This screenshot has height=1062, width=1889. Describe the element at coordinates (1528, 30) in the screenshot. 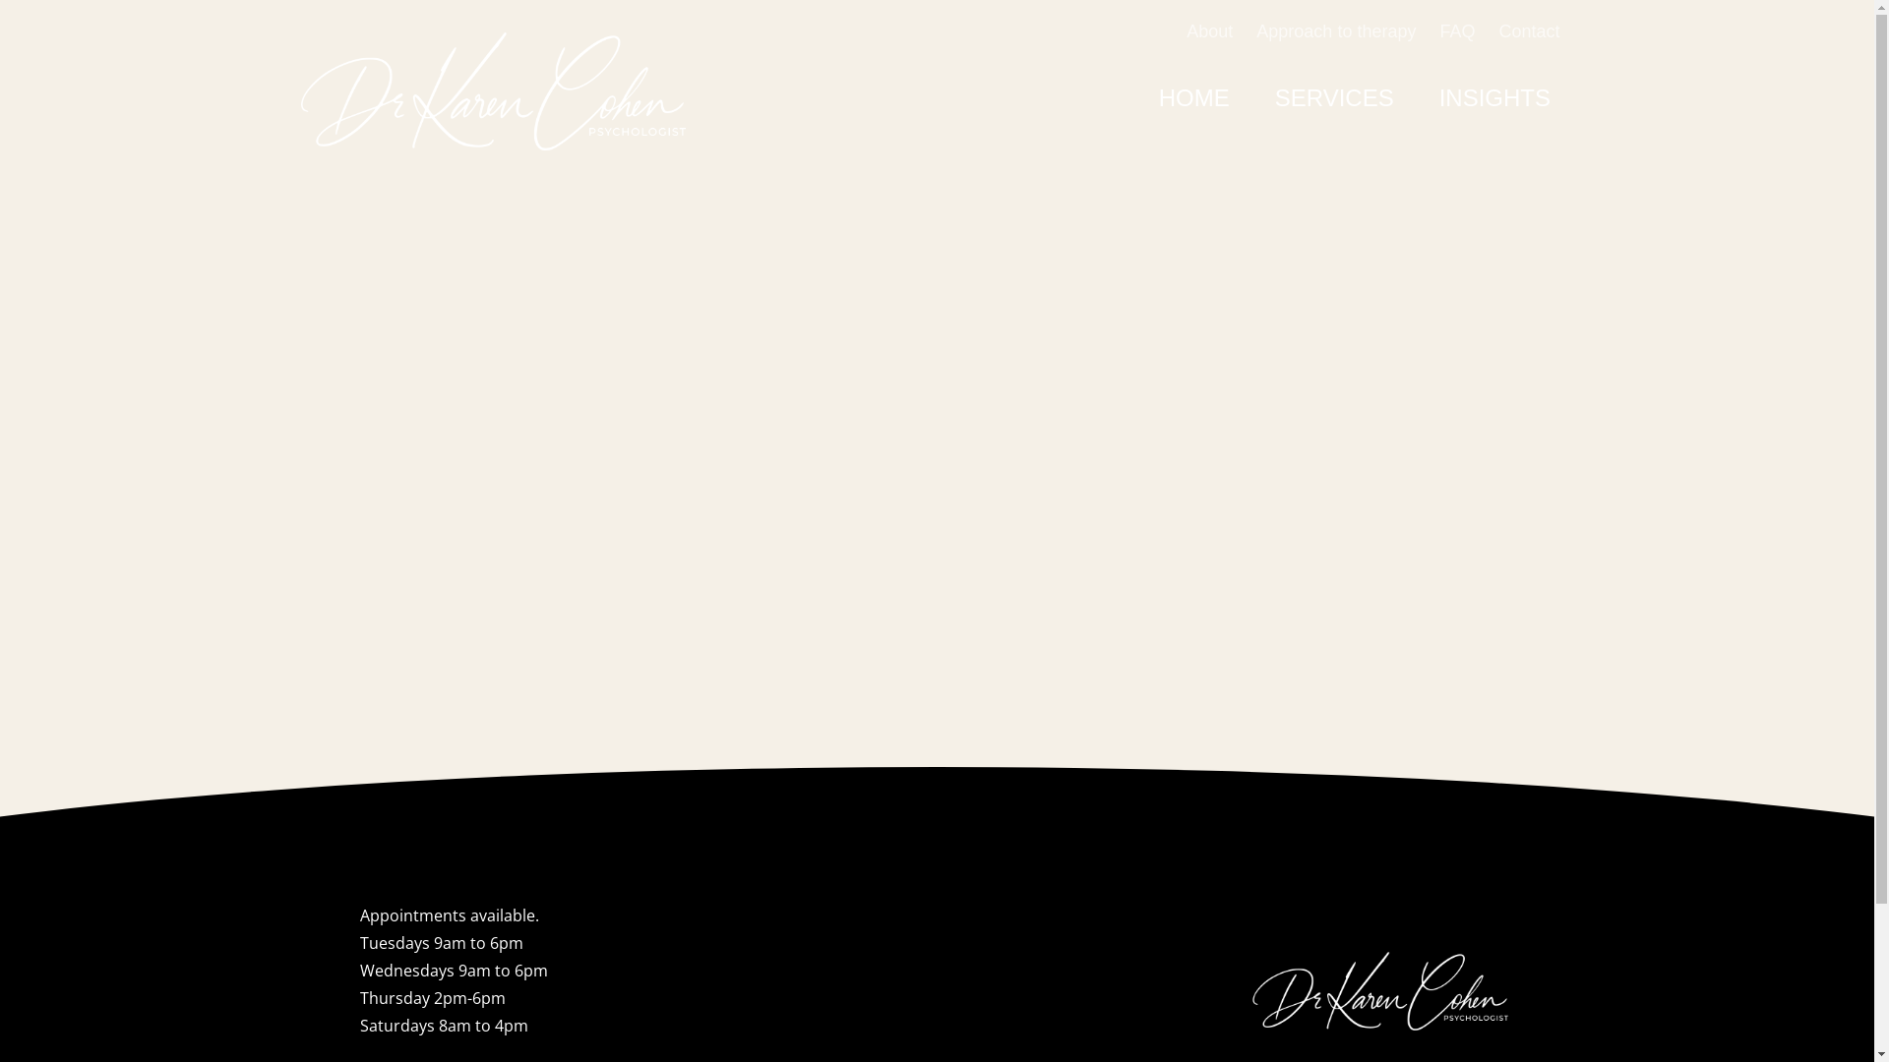

I see `'Contact'` at that location.